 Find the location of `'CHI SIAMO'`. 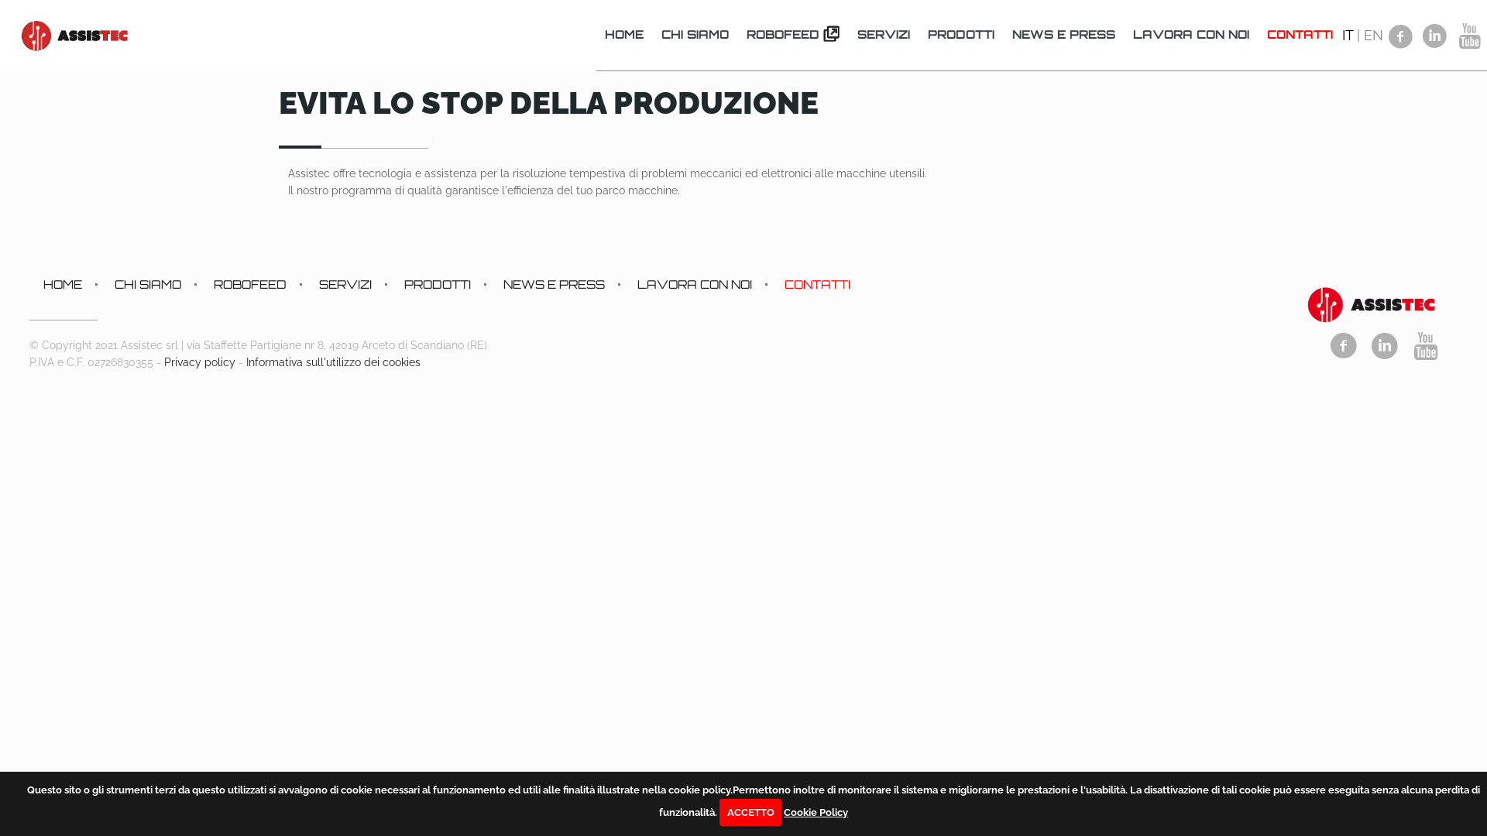

'CHI SIAMO' is located at coordinates (149, 284).